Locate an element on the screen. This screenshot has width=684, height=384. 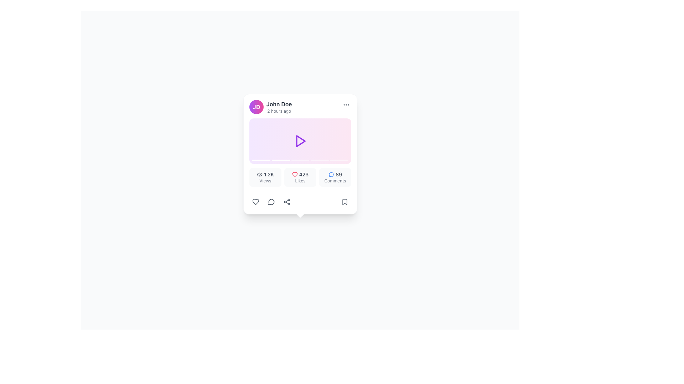
the second segment of the horizontal progress bar, which is a narrow, white rounded bar with a semi-transparent background, located at the bottom center of the card UI is located at coordinates (280, 160).